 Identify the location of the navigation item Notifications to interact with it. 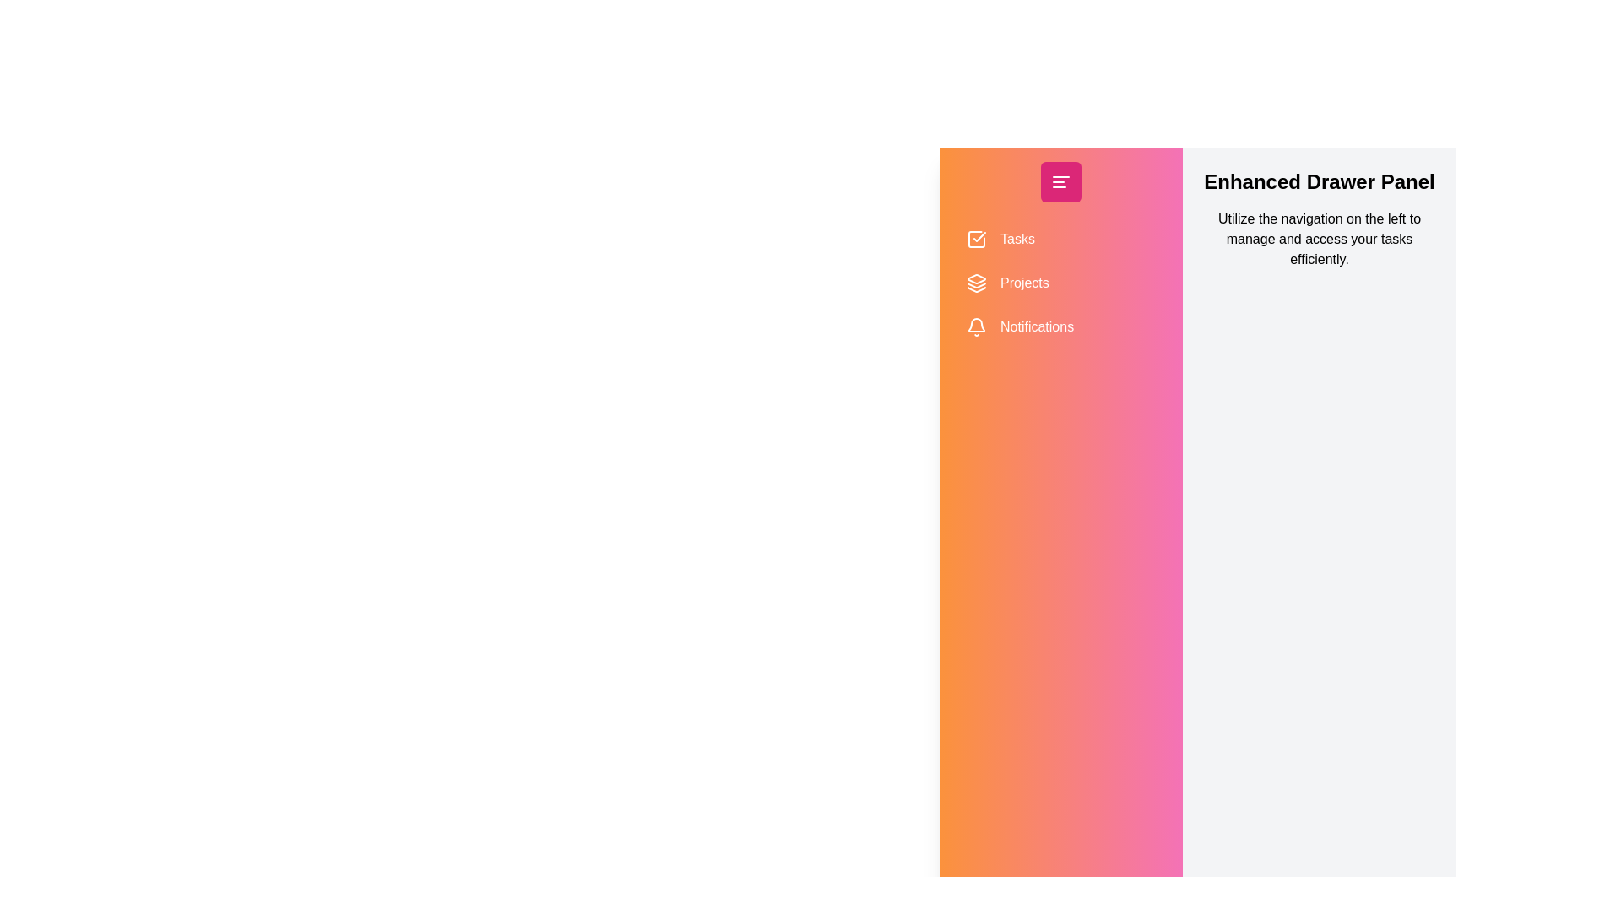
(1060, 327).